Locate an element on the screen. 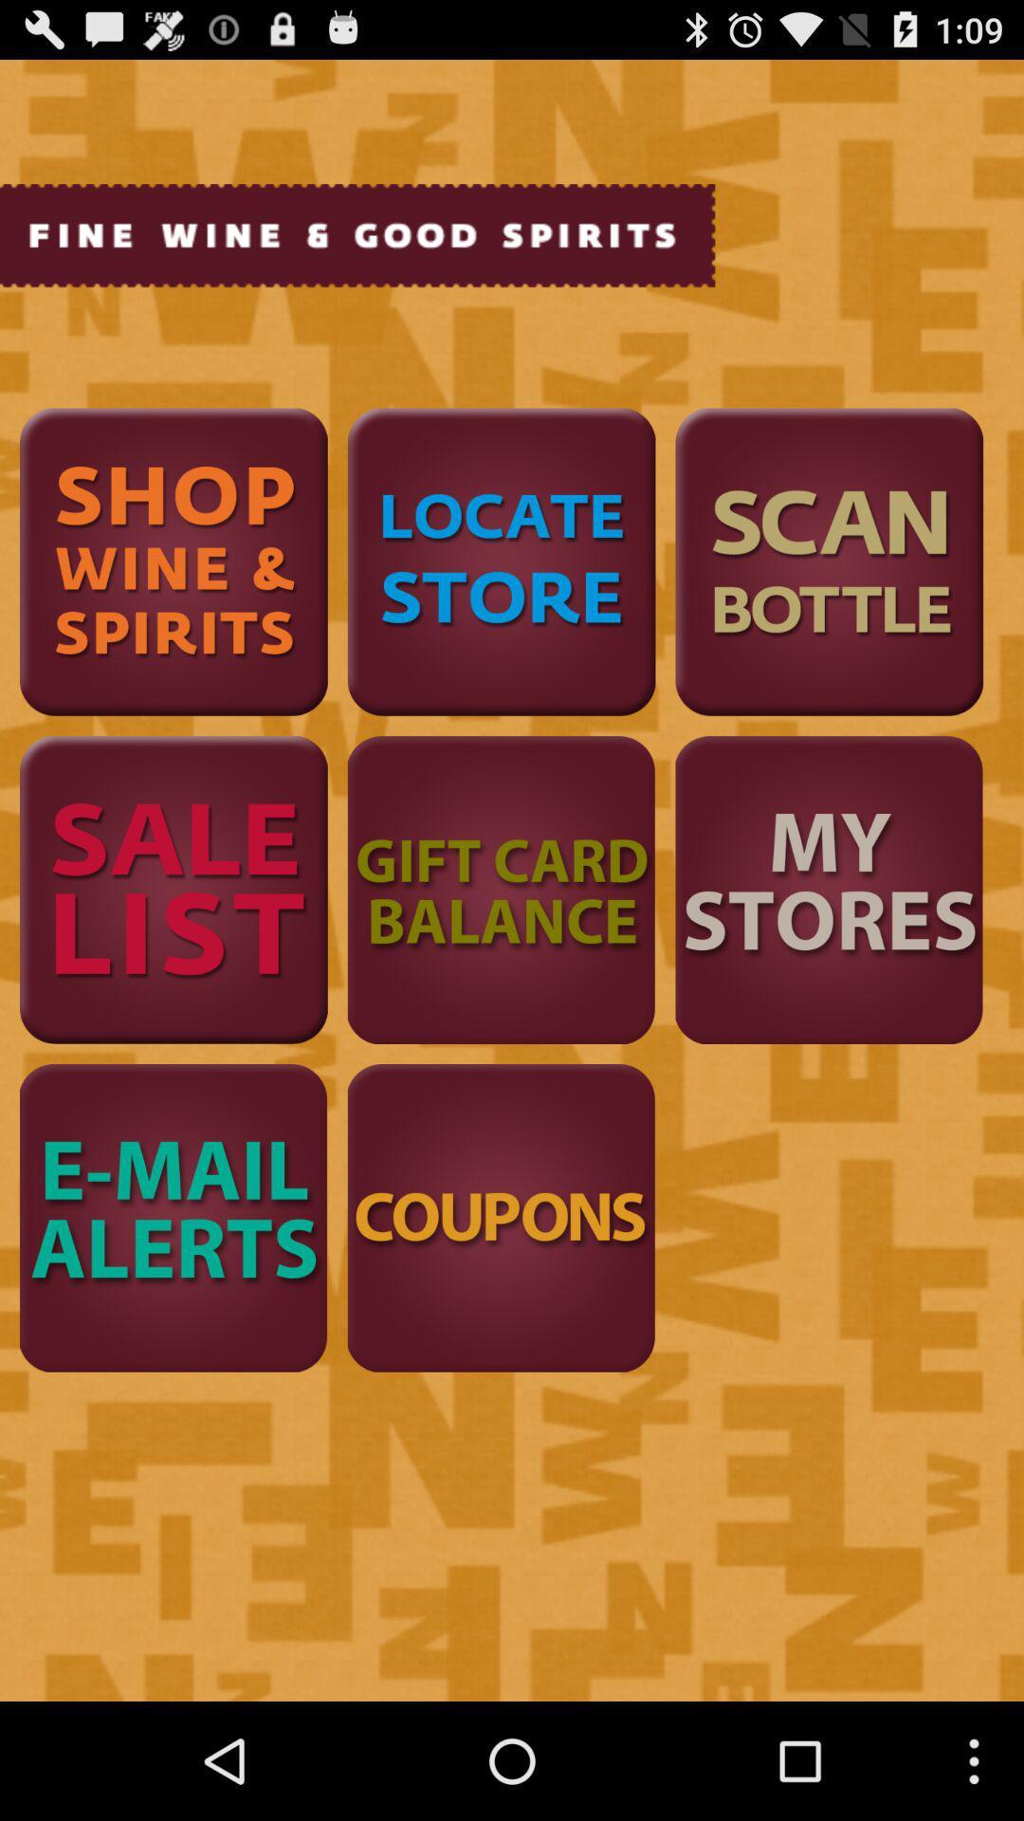 The width and height of the screenshot is (1024, 1821). shop wine and spirits is located at coordinates (174, 561).